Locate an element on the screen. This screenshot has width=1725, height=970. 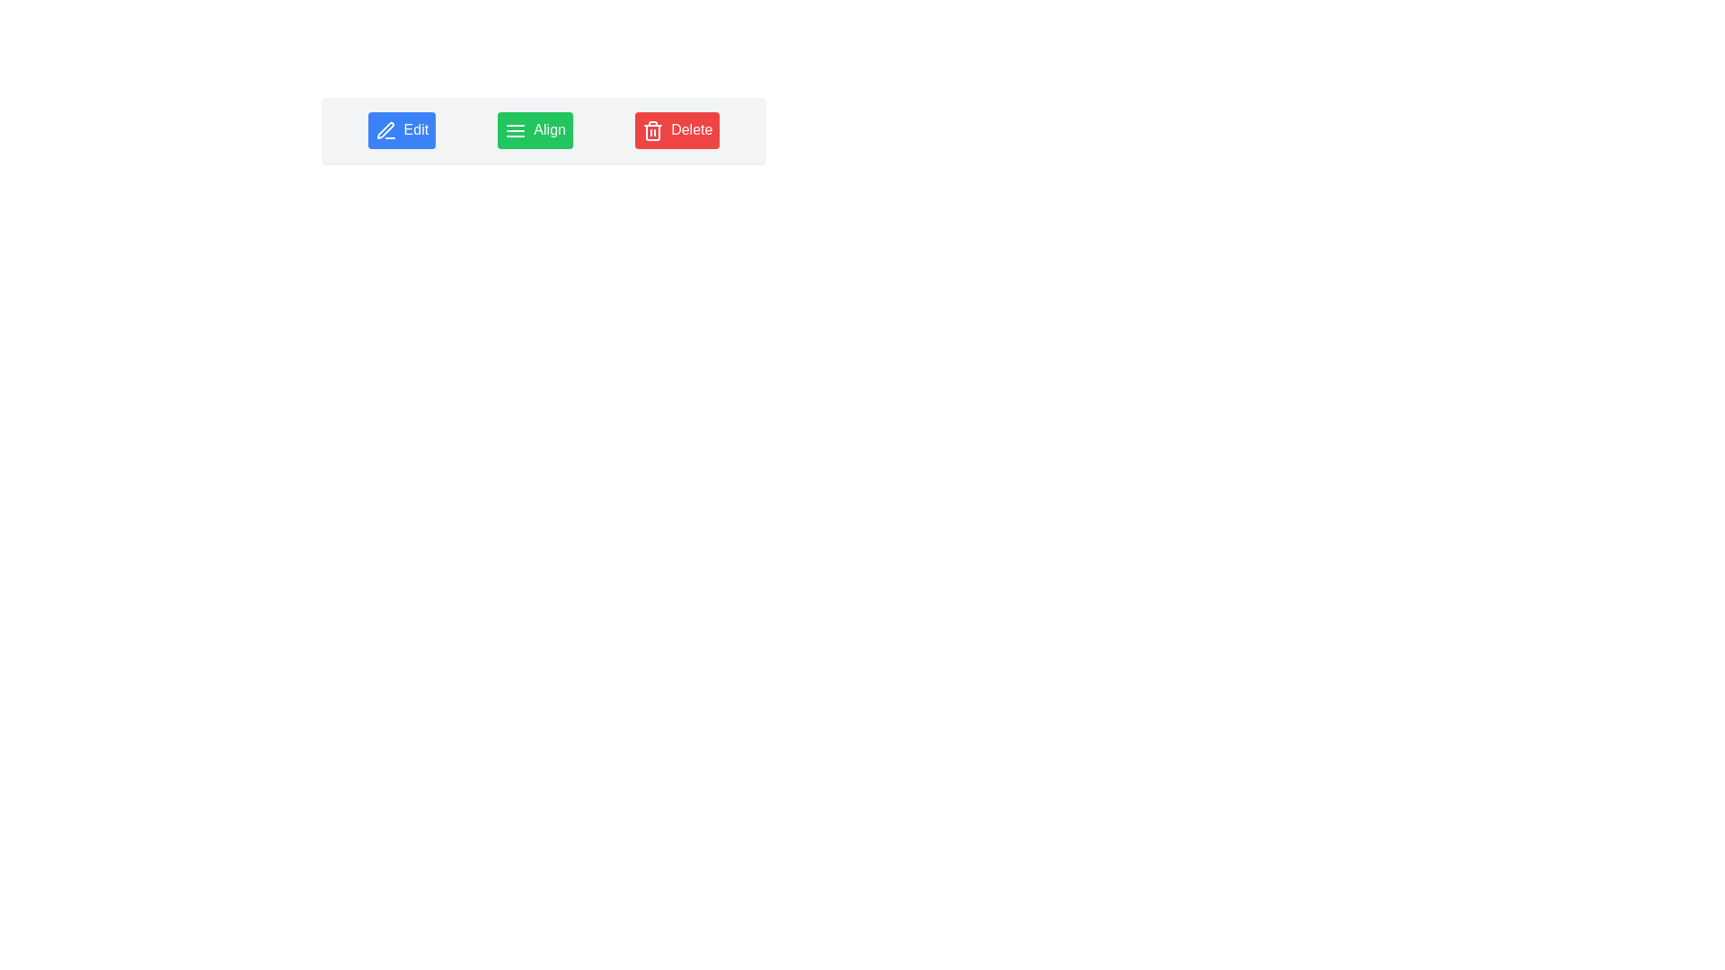
the 'Delete' button with a red background and white text is located at coordinates (677, 129).